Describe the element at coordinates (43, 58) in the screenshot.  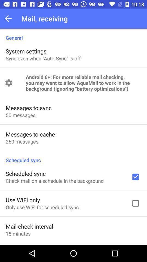
I see `app below system settings` at that location.